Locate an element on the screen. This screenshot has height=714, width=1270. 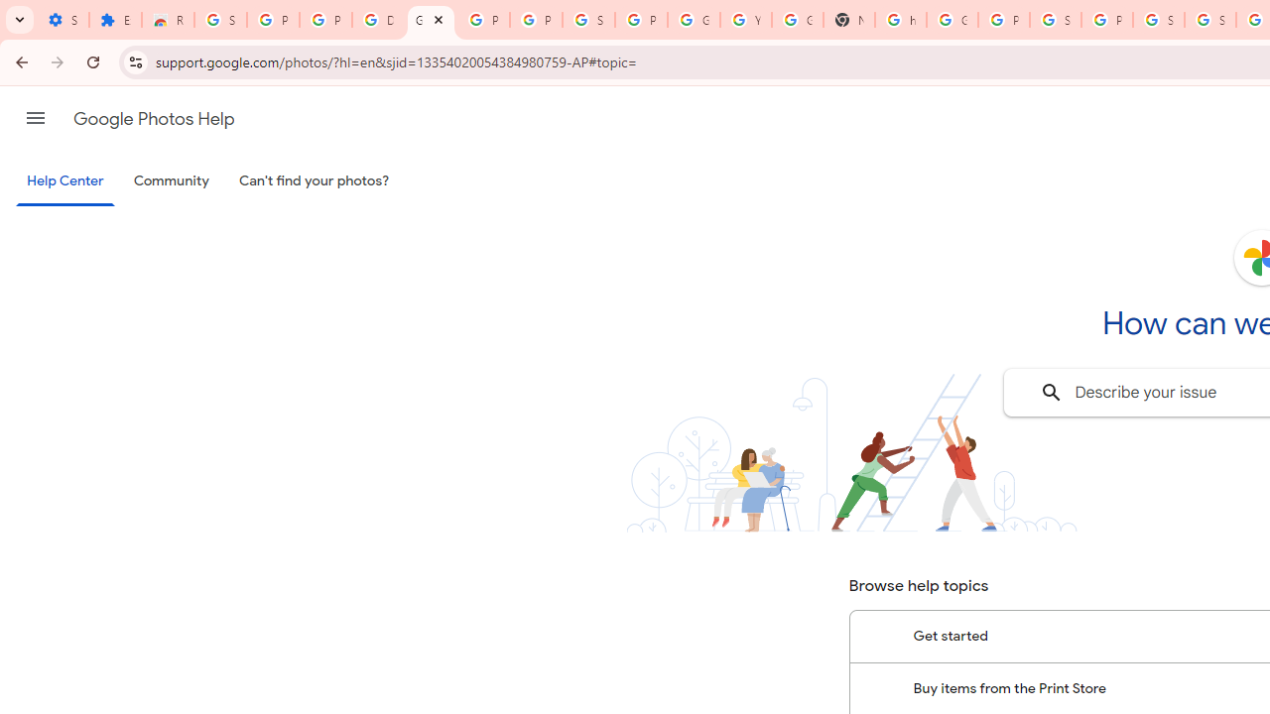
'Google Photos Help' is located at coordinates (153, 118).